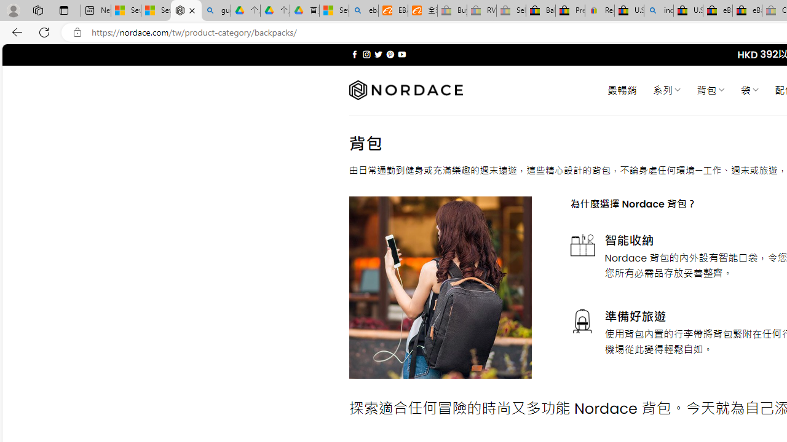  What do you see at coordinates (600, 10) in the screenshot?
I see `'Register: Create a personal eBay account'` at bounding box center [600, 10].